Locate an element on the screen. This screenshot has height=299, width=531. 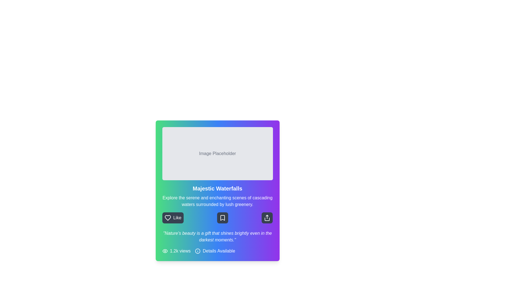
the 'Like' button, which is a rectangular button with rounded corners, gray background, a white heart icon, and white text, located on the far left among three horizontally aligned buttons at the bottom of a card is located at coordinates (172, 217).